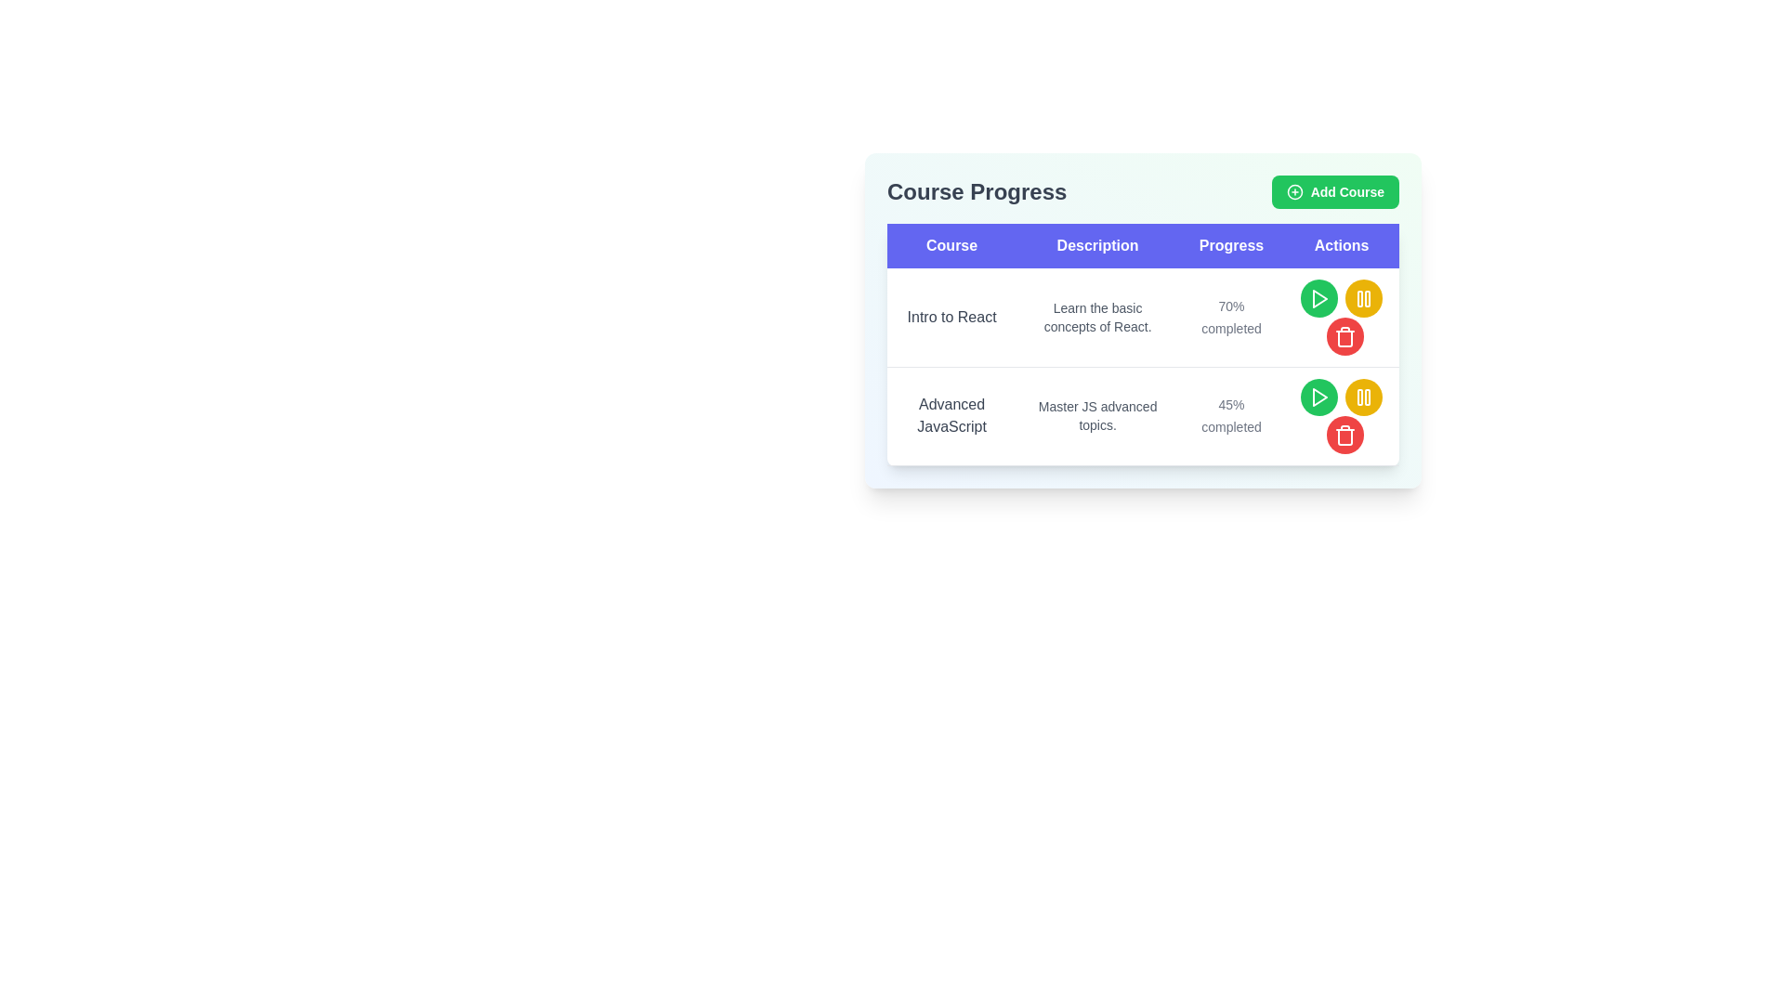  What do you see at coordinates (1231, 317) in the screenshot?
I see `the Progress indicator for the 'Intro to React' course, located in the first row of the Progress column of the table` at bounding box center [1231, 317].